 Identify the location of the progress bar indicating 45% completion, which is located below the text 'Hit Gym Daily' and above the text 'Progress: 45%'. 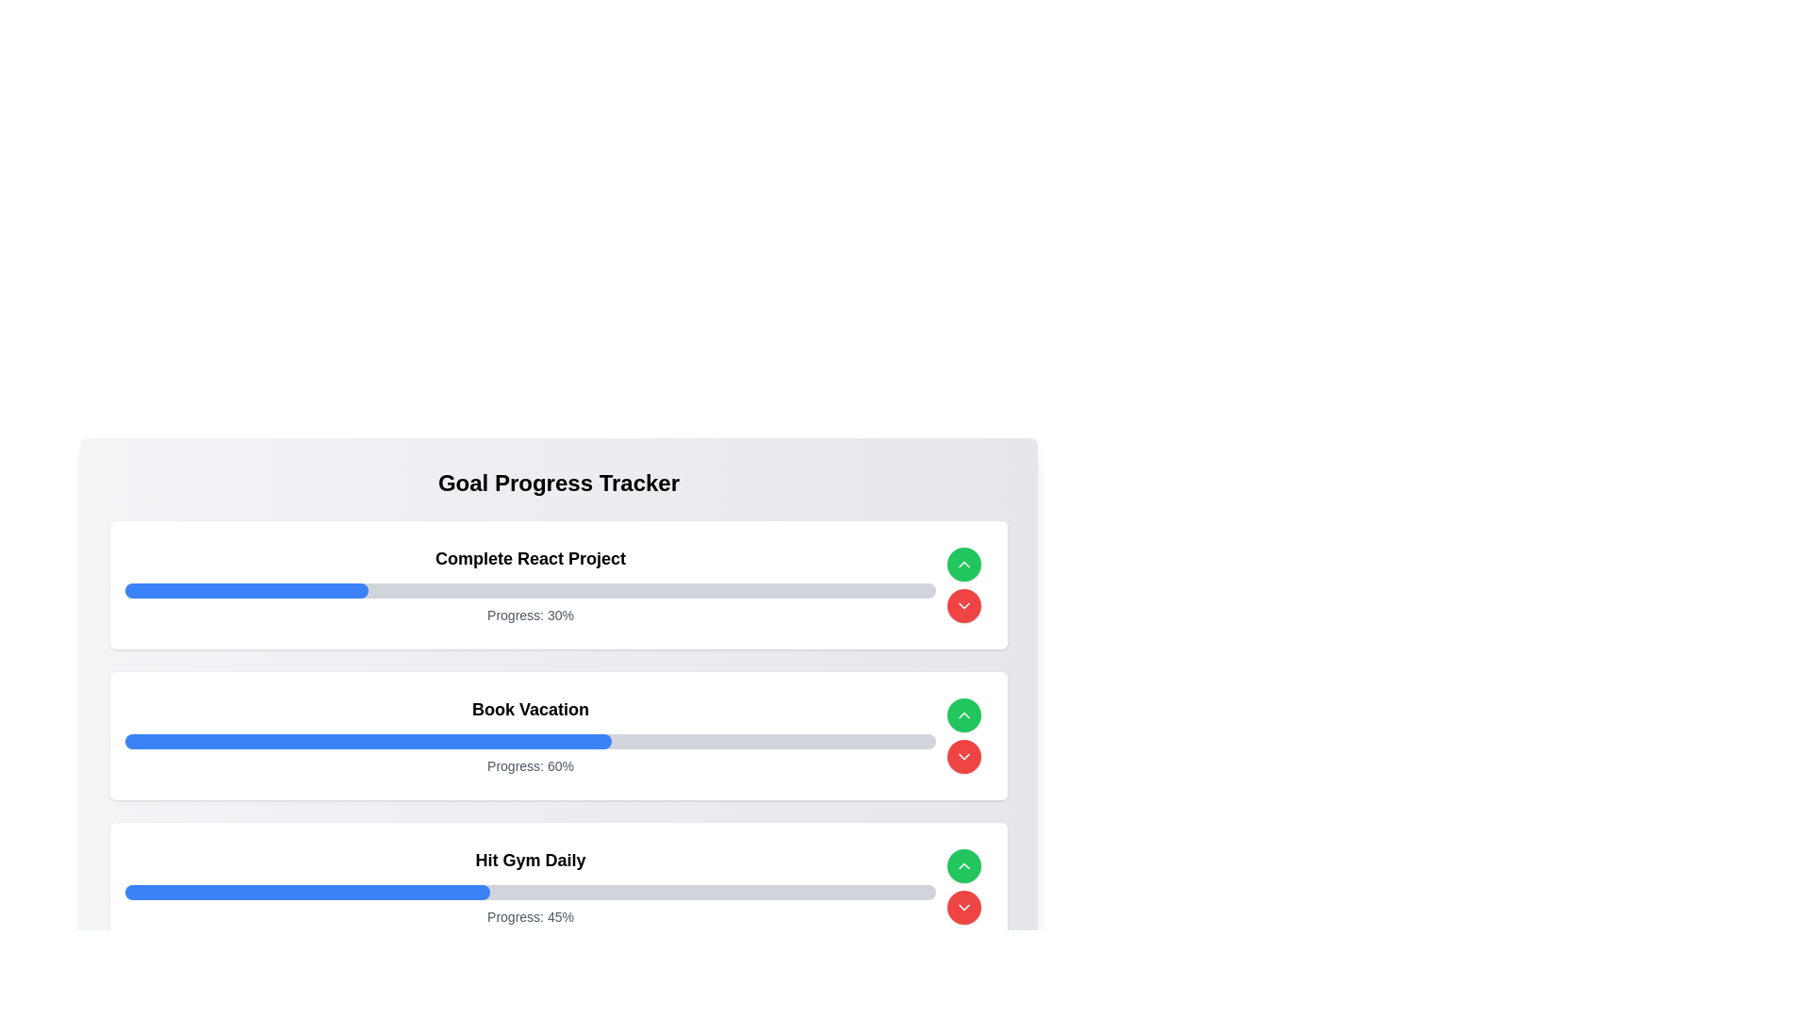
(529, 892).